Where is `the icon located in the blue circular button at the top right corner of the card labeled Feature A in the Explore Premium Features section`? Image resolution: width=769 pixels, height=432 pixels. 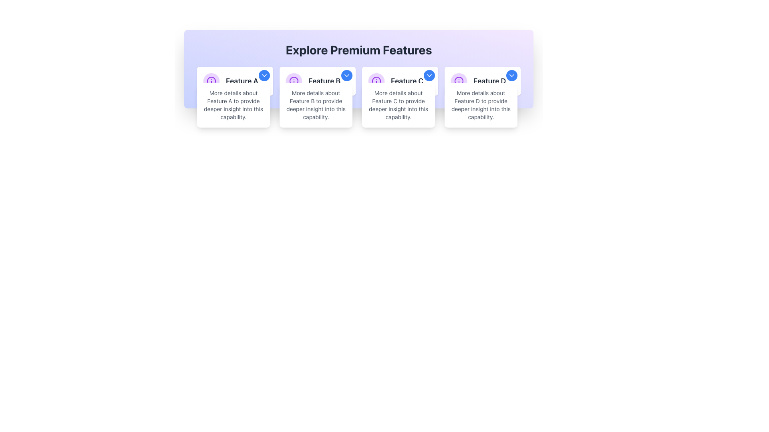
the icon located in the blue circular button at the top right corner of the card labeled Feature A in the Explore Premium Features section is located at coordinates (264, 76).